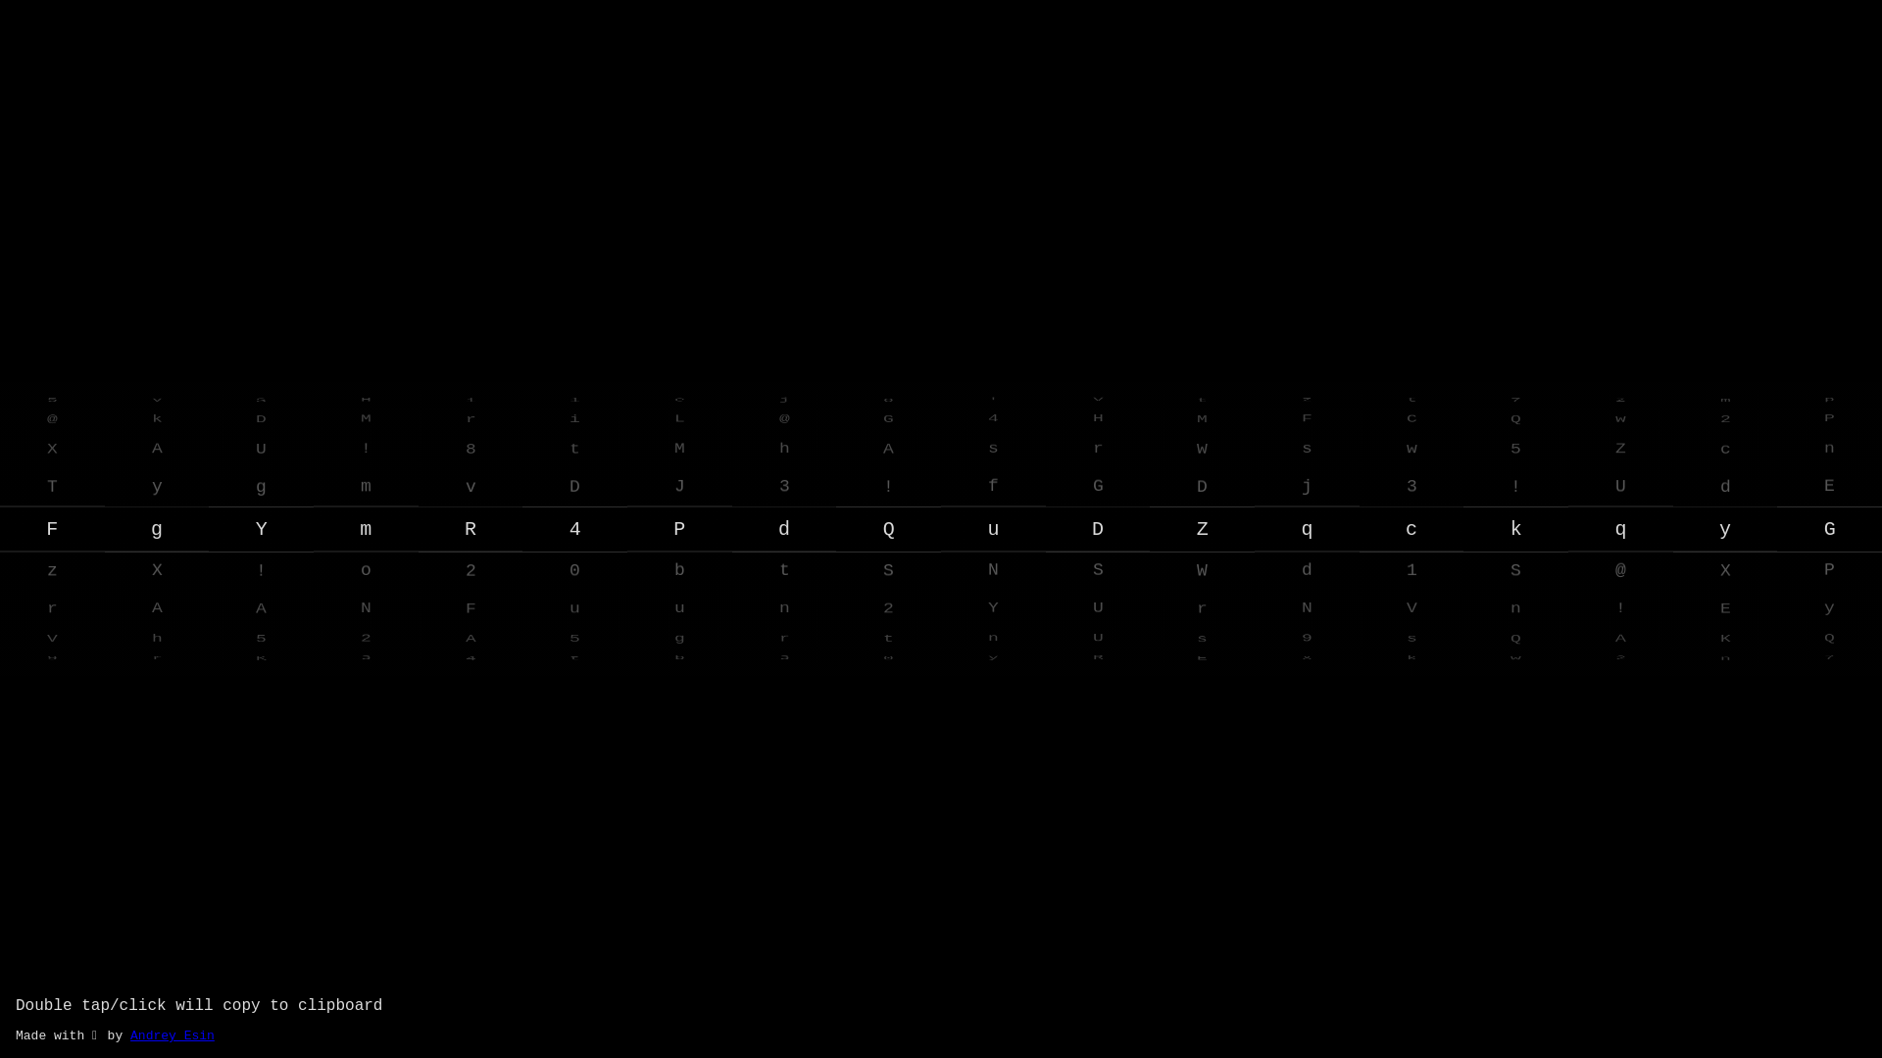 This screenshot has width=1882, height=1058. I want to click on 'Andrey Esin', so click(129, 1034).